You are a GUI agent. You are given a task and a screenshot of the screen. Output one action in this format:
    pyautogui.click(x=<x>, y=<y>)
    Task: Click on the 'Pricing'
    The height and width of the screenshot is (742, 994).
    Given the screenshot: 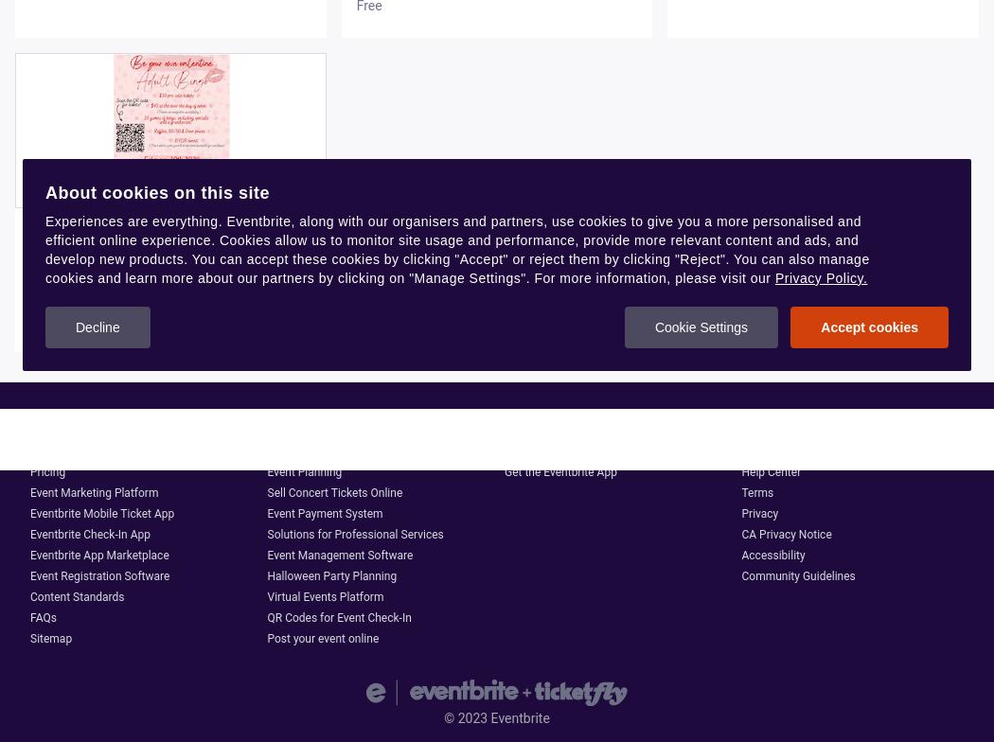 What is the action you would take?
    pyautogui.click(x=46, y=472)
    